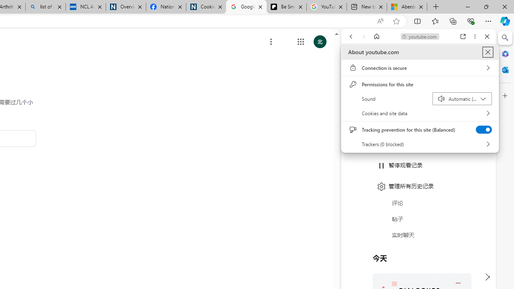  I want to click on 'Connection is secure', so click(420, 67).